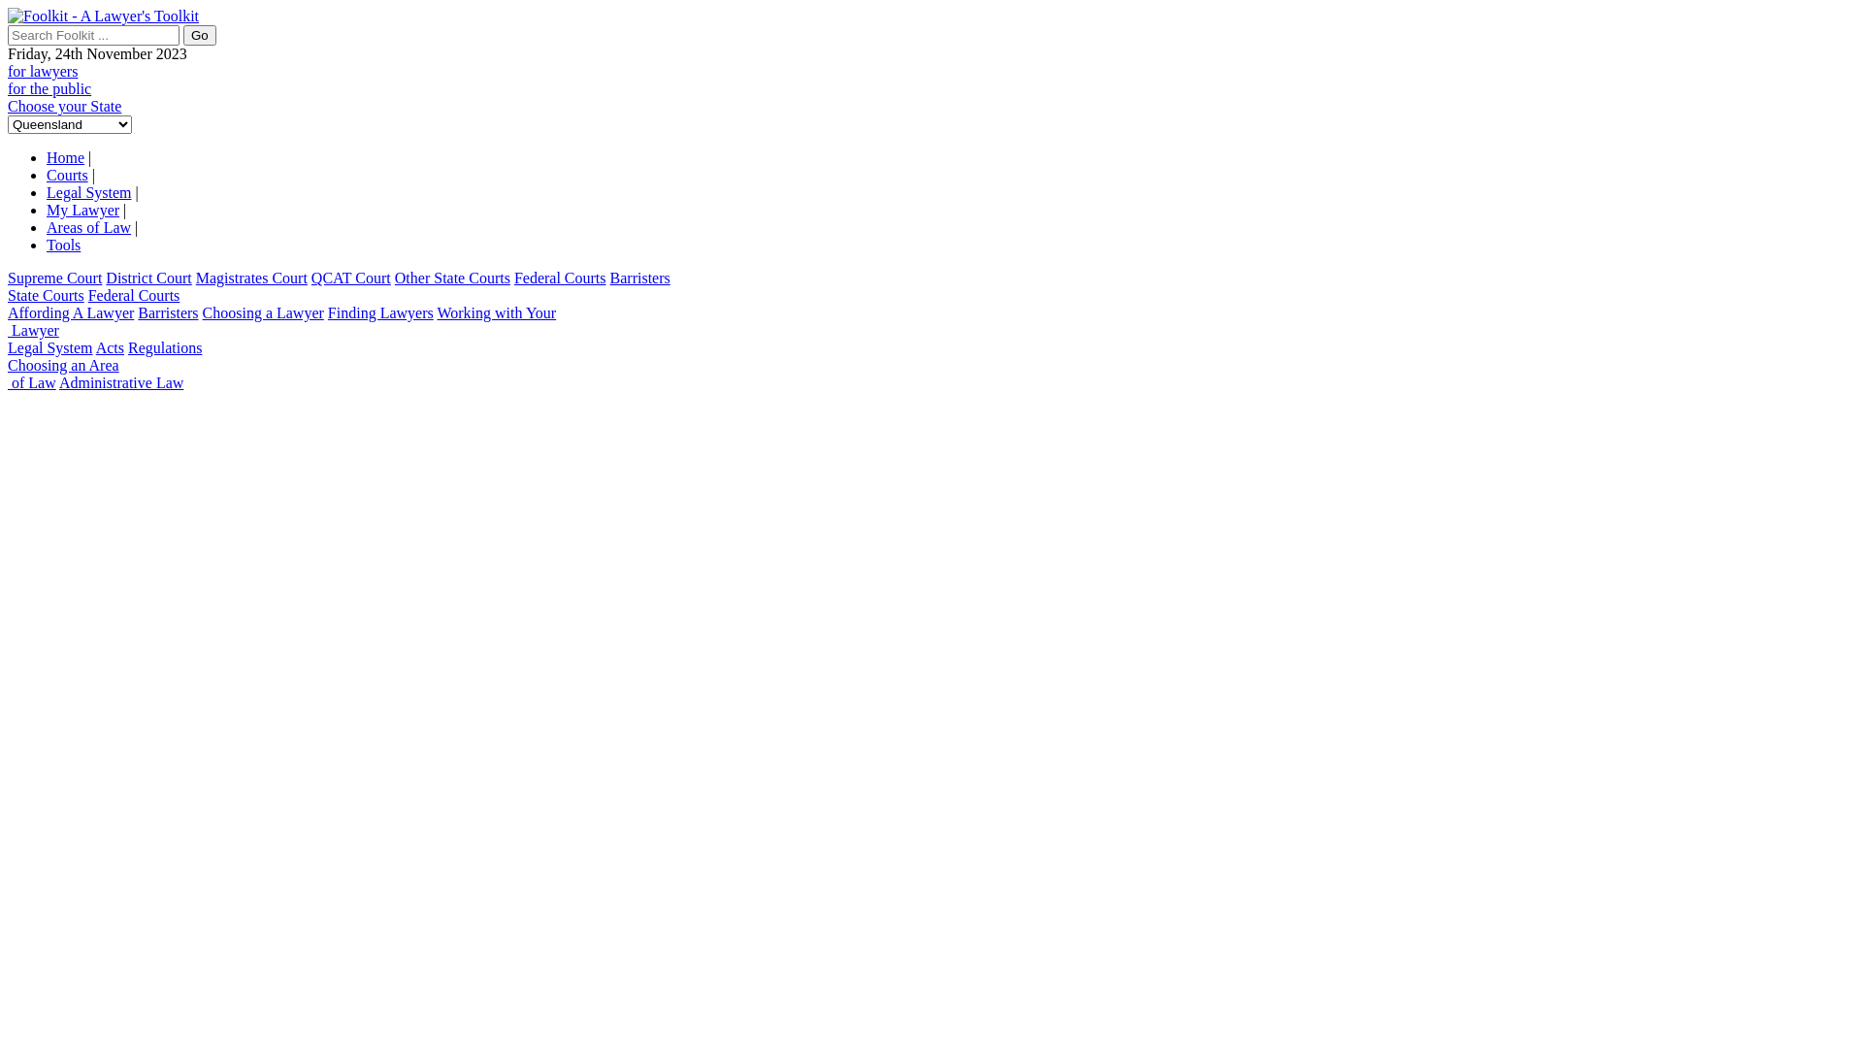 The height and width of the screenshot is (1048, 1863). What do you see at coordinates (394, 278) in the screenshot?
I see `'Other State Courts'` at bounding box center [394, 278].